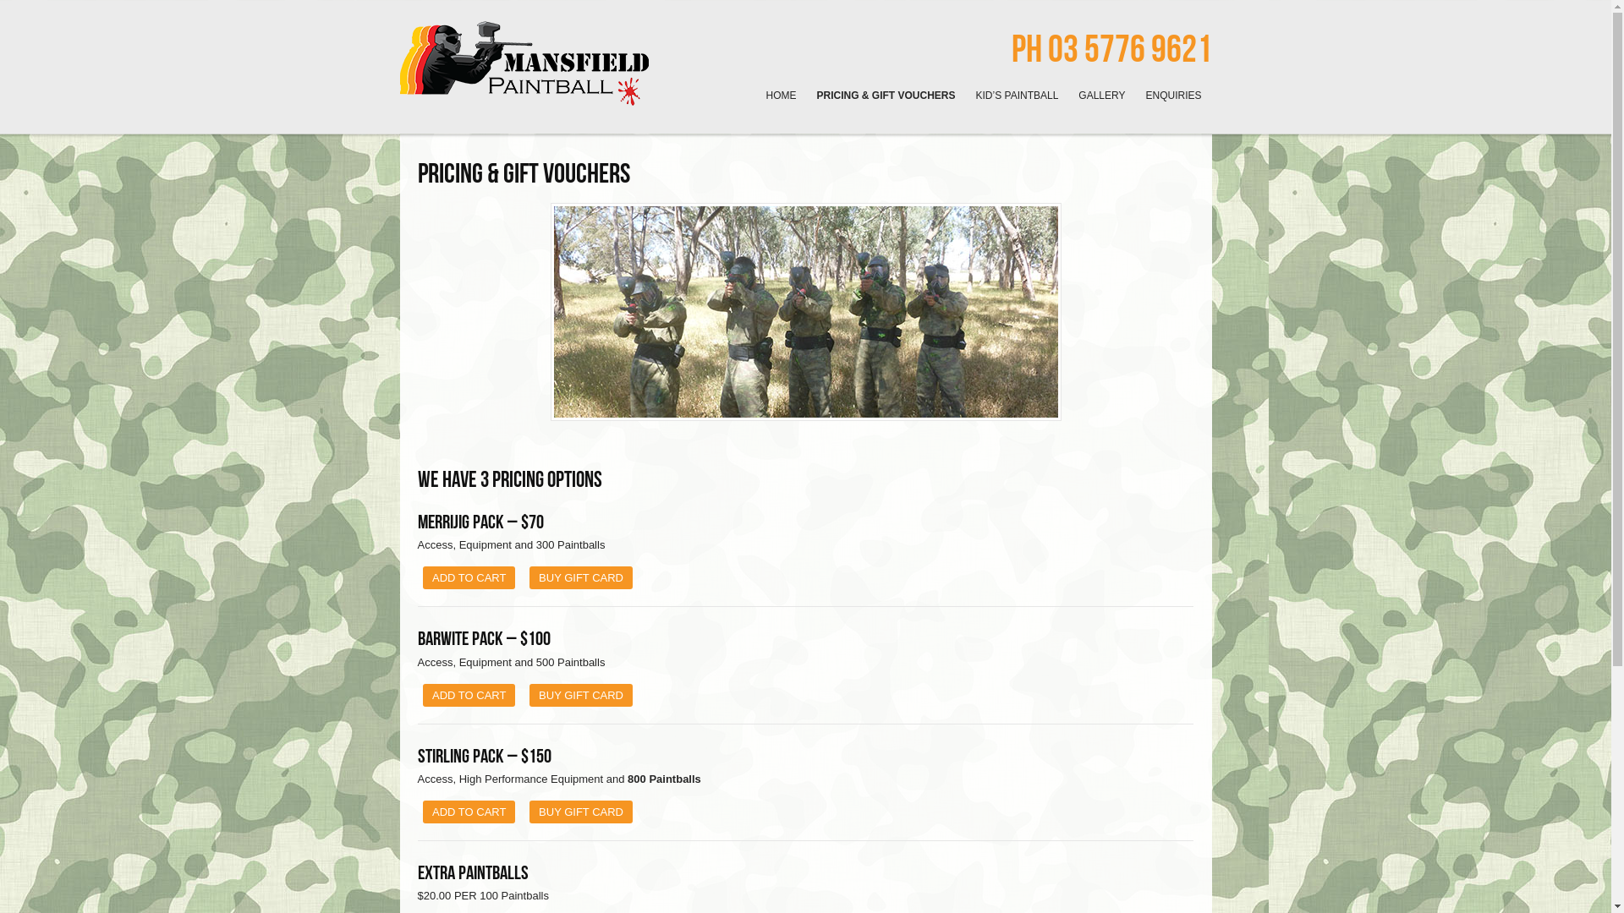 The width and height of the screenshot is (1624, 913). I want to click on 'BUY GIFT CARD', so click(580, 811).